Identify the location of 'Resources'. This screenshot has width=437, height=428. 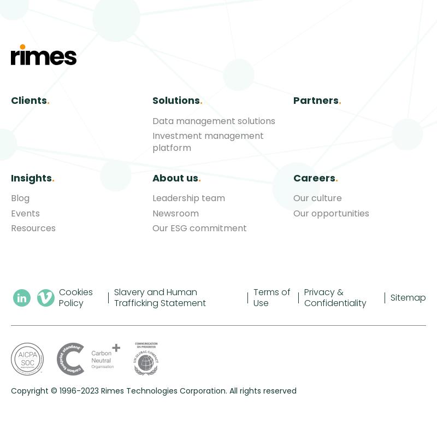
(11, 227).